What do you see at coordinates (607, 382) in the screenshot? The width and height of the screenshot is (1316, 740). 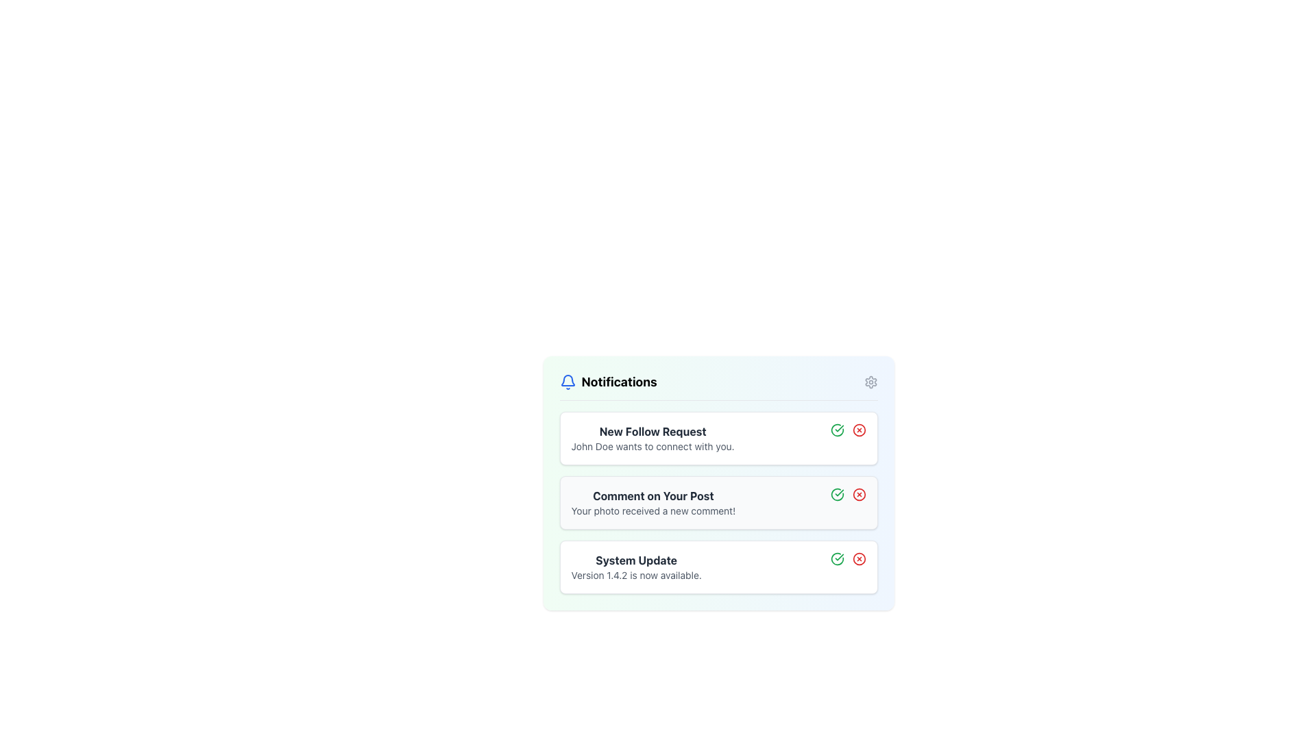 I see `the text of the primary header located at the top-left corner of the notifications panel` at bounding box center [607, 382].